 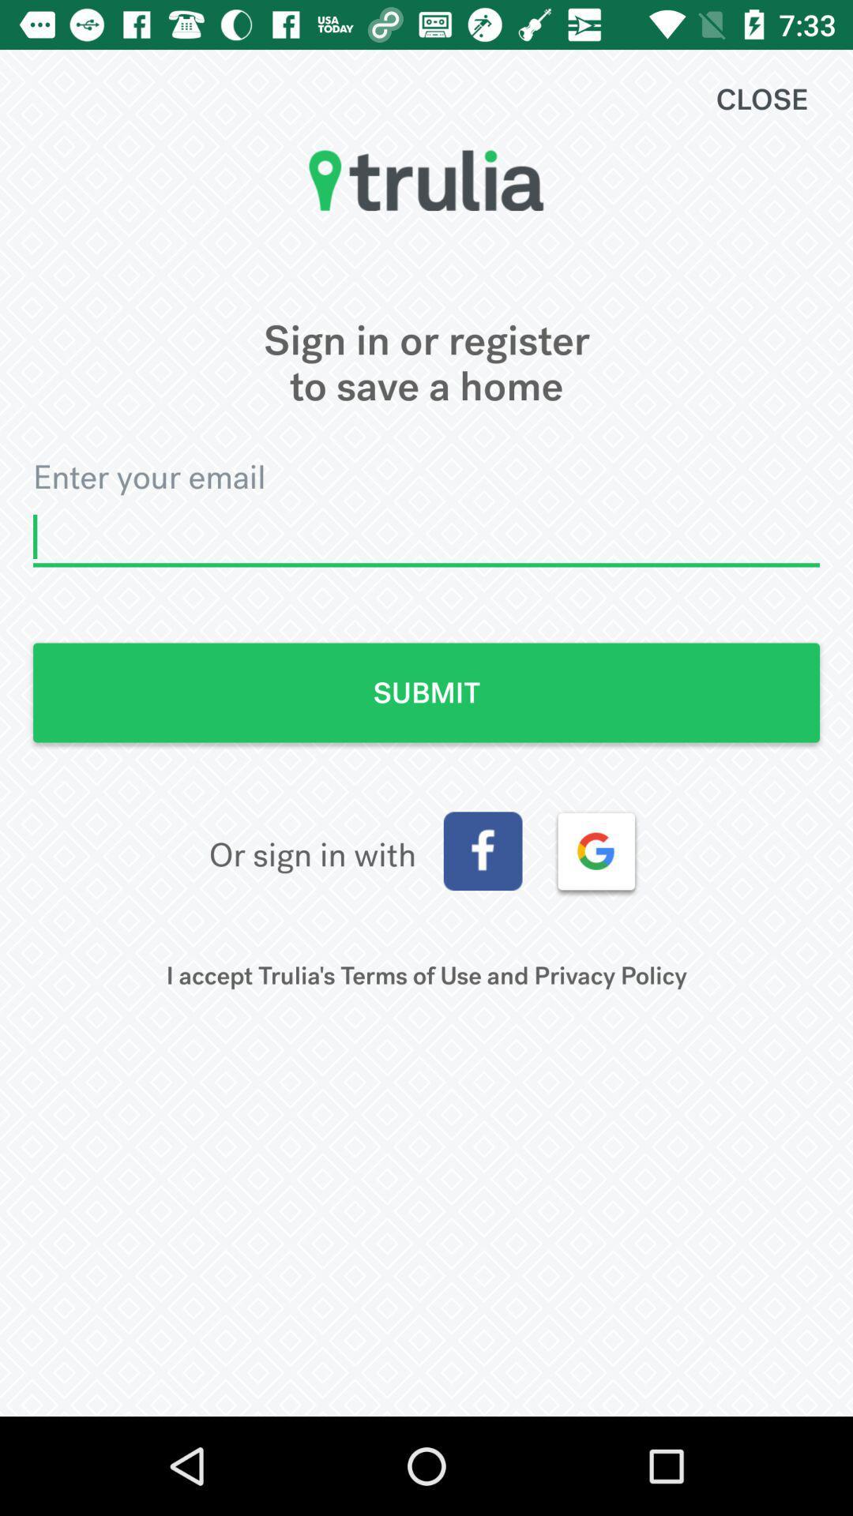 What do you see at coordinates (596, 850) in the screenshot?
I see `sign up with google account` at bounding box center [596, 850].